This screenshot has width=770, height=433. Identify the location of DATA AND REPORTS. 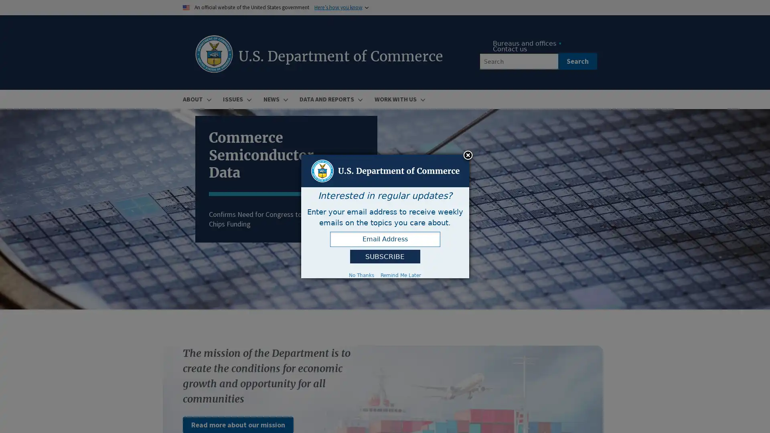
(330, 99).